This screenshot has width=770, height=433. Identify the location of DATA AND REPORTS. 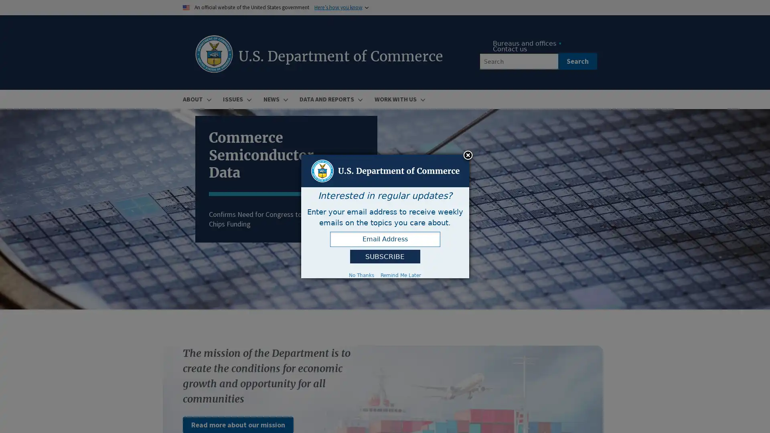
(330, 99).